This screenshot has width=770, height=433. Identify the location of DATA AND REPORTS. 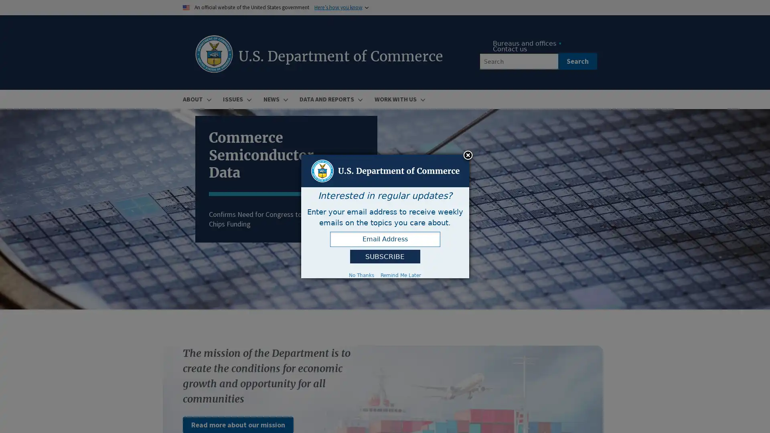
(330, 99).